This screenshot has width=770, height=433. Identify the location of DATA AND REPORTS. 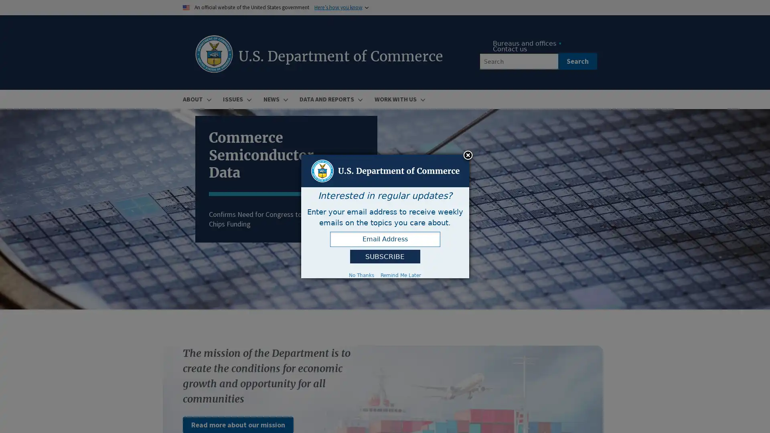
(330, 99).